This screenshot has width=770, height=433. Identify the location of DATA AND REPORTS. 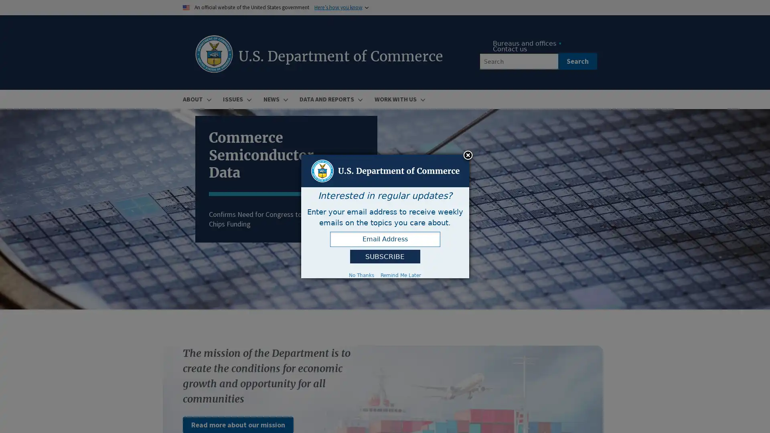
(330, 99).